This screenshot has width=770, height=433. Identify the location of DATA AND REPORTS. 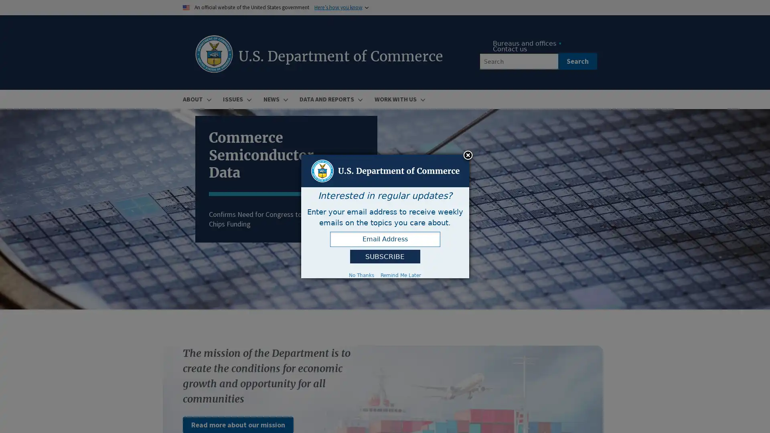
(330, 99).